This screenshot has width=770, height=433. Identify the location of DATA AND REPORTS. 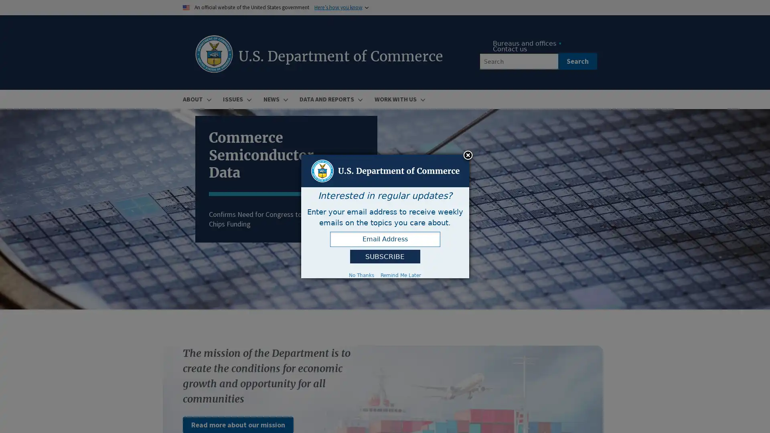
(330, 99).